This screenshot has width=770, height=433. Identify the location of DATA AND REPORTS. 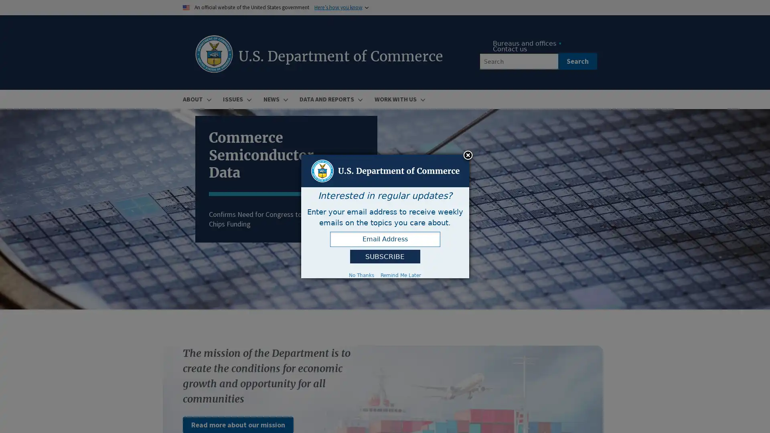
(330, 99).